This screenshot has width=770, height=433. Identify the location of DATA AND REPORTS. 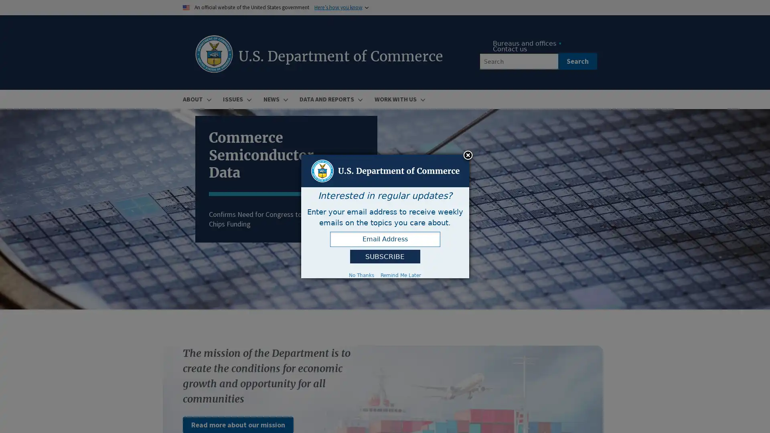
(330, 99).